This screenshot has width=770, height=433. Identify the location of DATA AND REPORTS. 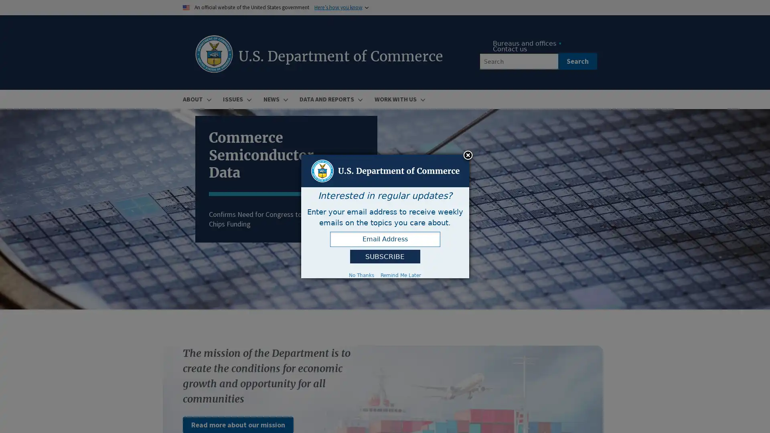
(330, 99).